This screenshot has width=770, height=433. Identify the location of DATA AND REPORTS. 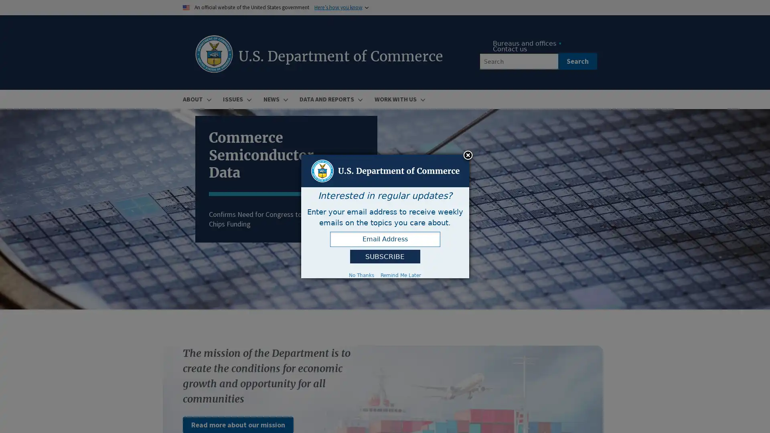
(330, 99).